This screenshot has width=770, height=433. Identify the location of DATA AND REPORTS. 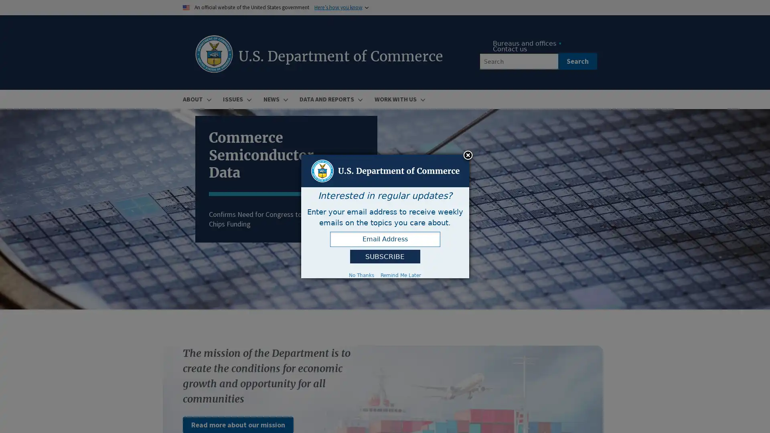
(330, 99).